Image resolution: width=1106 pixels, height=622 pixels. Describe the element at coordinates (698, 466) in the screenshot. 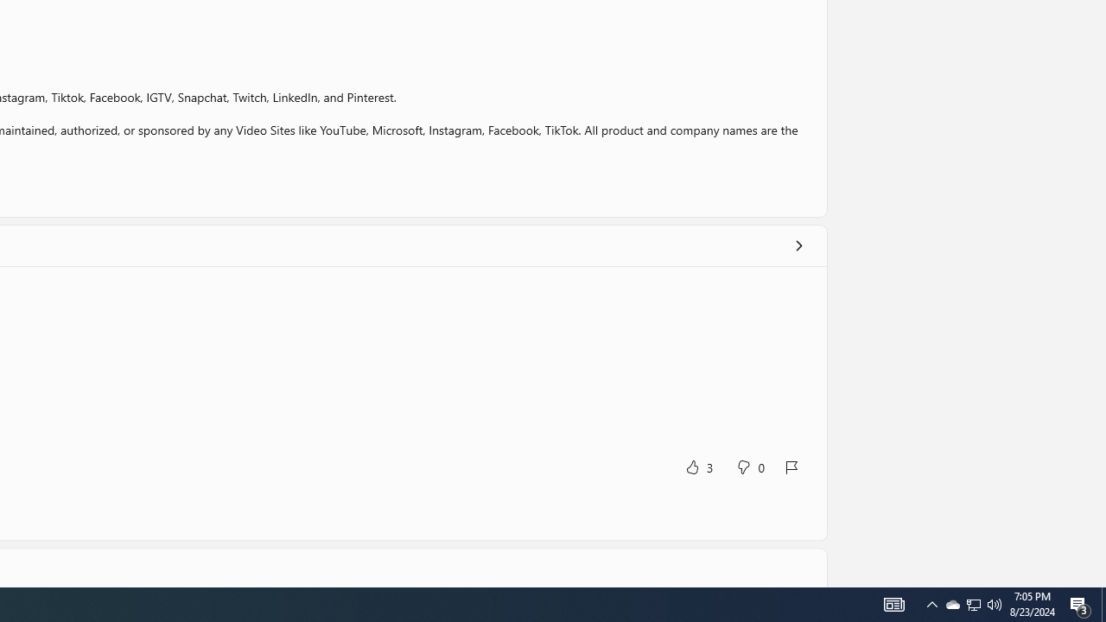

I see `'Yes, this was helpful. 3 votes.'` at that location.